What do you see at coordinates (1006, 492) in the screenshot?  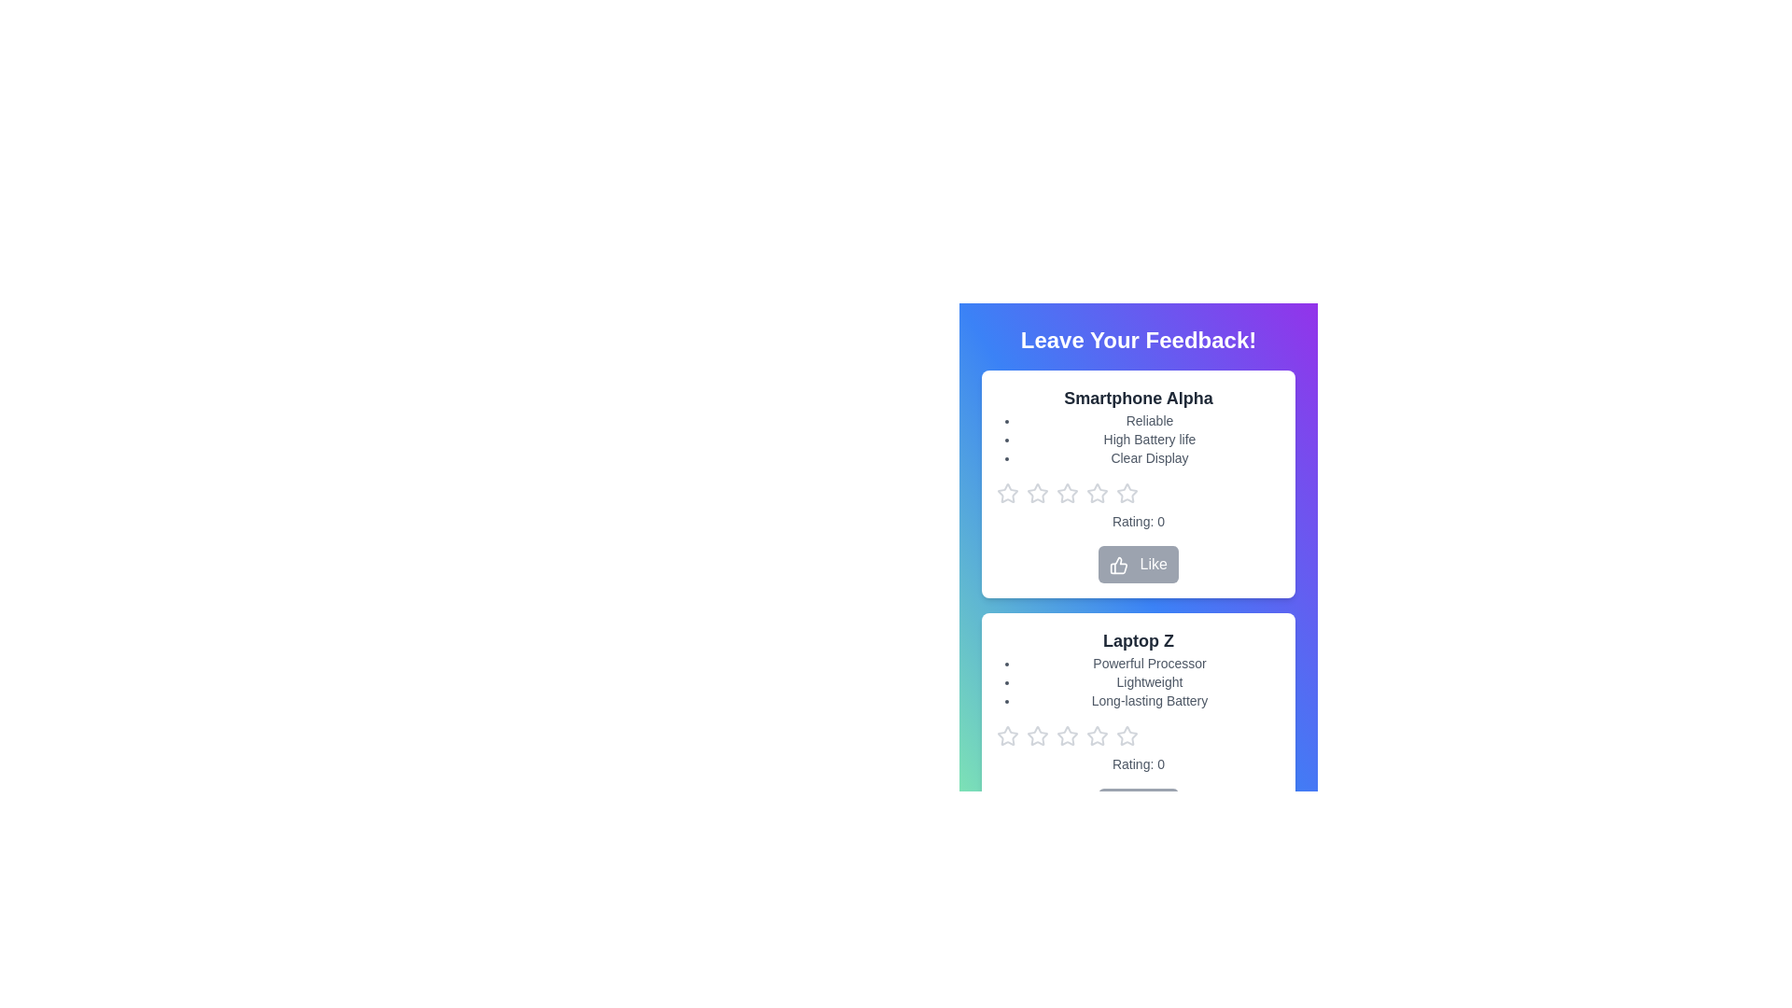 I see `the first rating star icon under the 'Smartphone Alpha' section` at bounding box center [1006, 492].